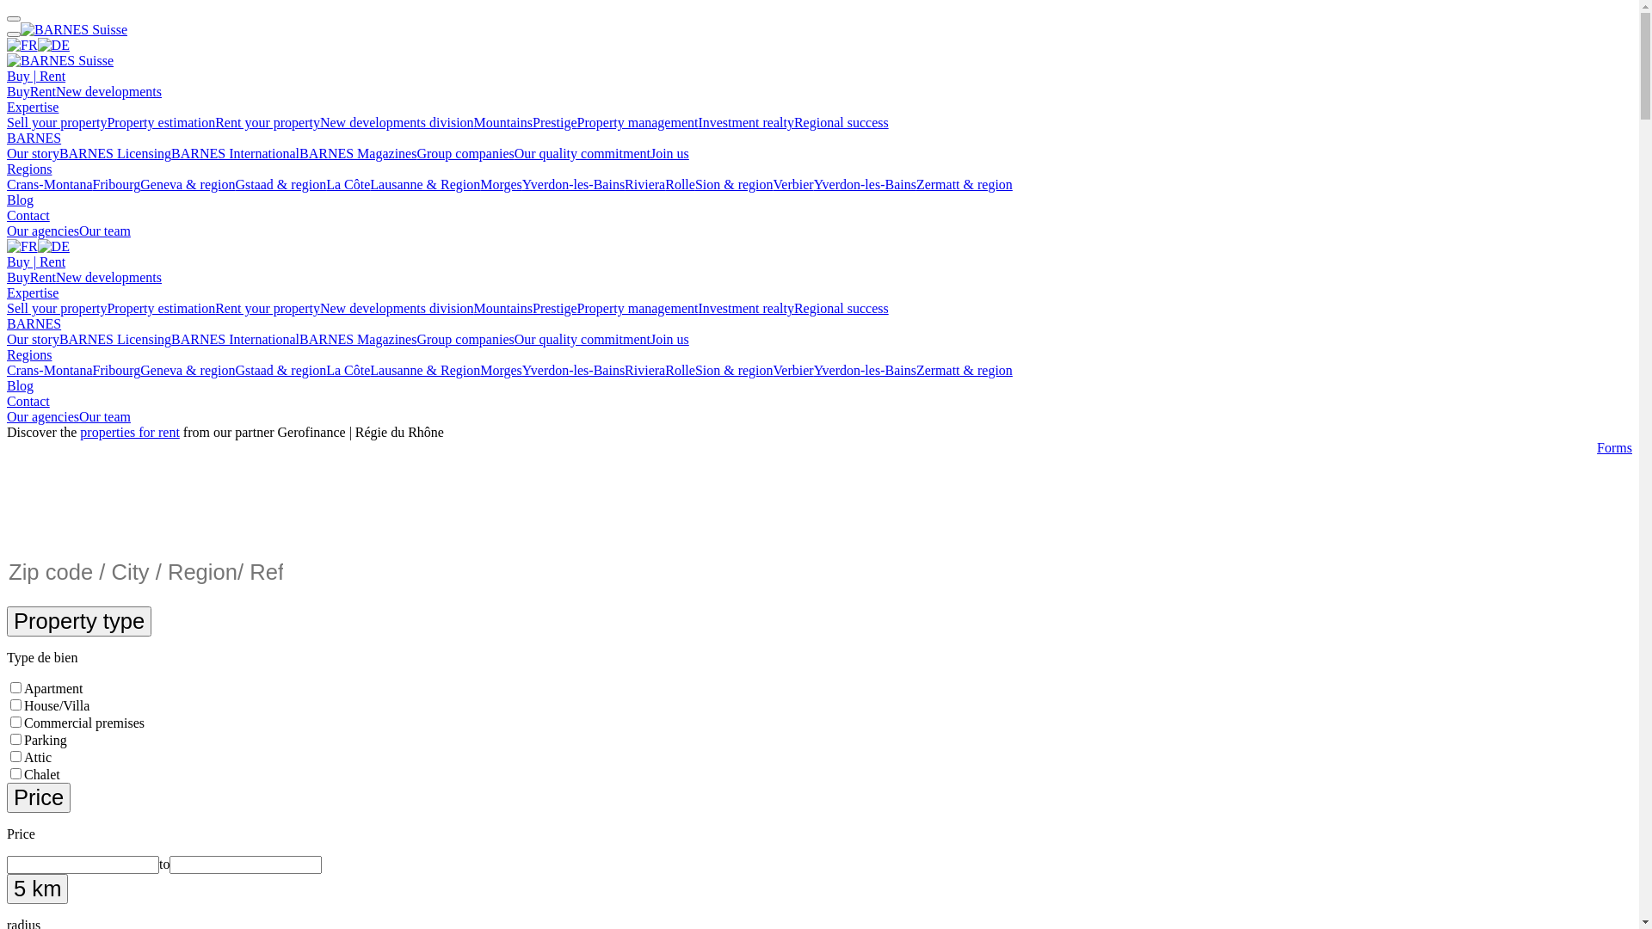  What do you see at coordinates (357, 339) in the screenshot?
I see `'BARNES Magazines'` at bounding box center [357, 339].